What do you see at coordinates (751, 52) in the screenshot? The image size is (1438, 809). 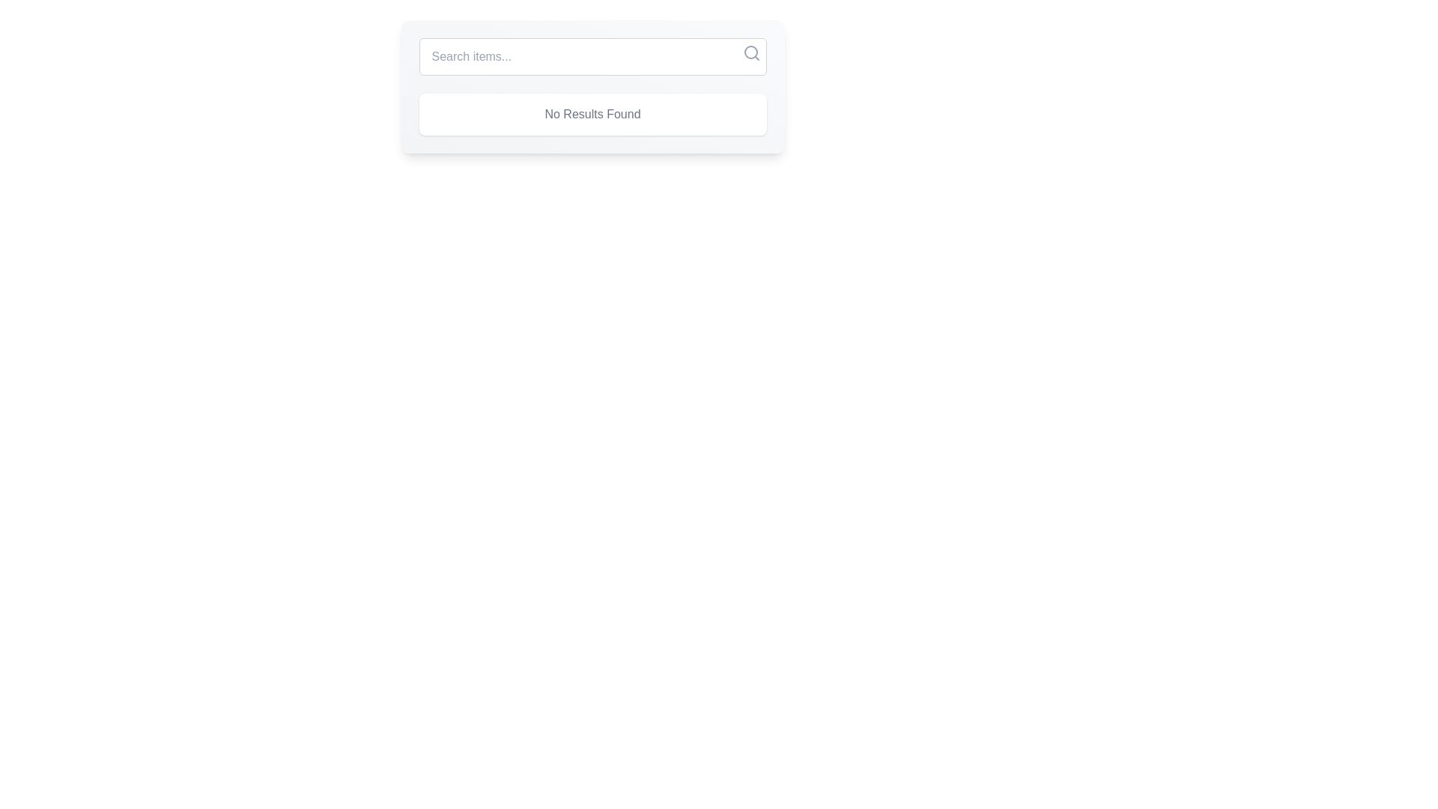 I see `the magnifying glass icon located at the upper-right section of the search bar` at bounding box center [751, 52].